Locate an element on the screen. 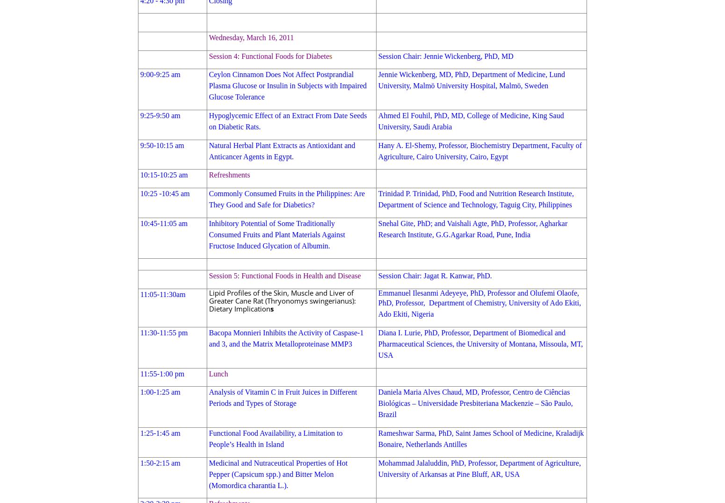 The height and width of the screenshot is (503, 725). '11:55-1:00 pm' is located at coordinates (162, 373).